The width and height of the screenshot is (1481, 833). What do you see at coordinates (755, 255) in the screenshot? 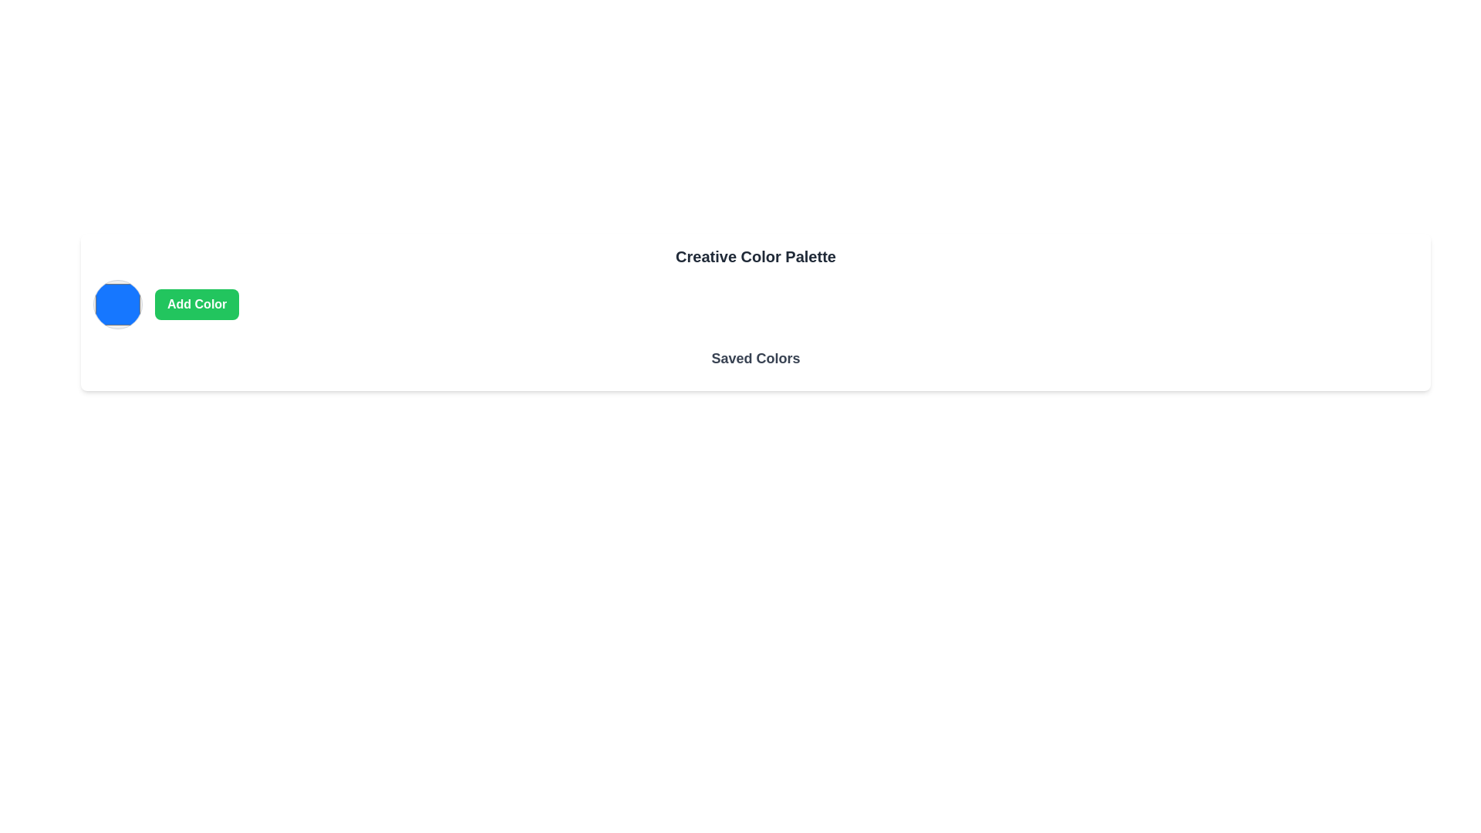
I see `the header text label located at the top of the card, which indicates the main theme or purpose of the content within the card` at bounding box center [755, 255].